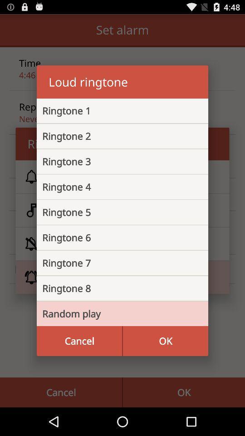 The image size is (245, 436). What do you see at coordinates (115, 237) in the screenshot?
I see `the ringtone 6 item` at bounding box center [115, 237].